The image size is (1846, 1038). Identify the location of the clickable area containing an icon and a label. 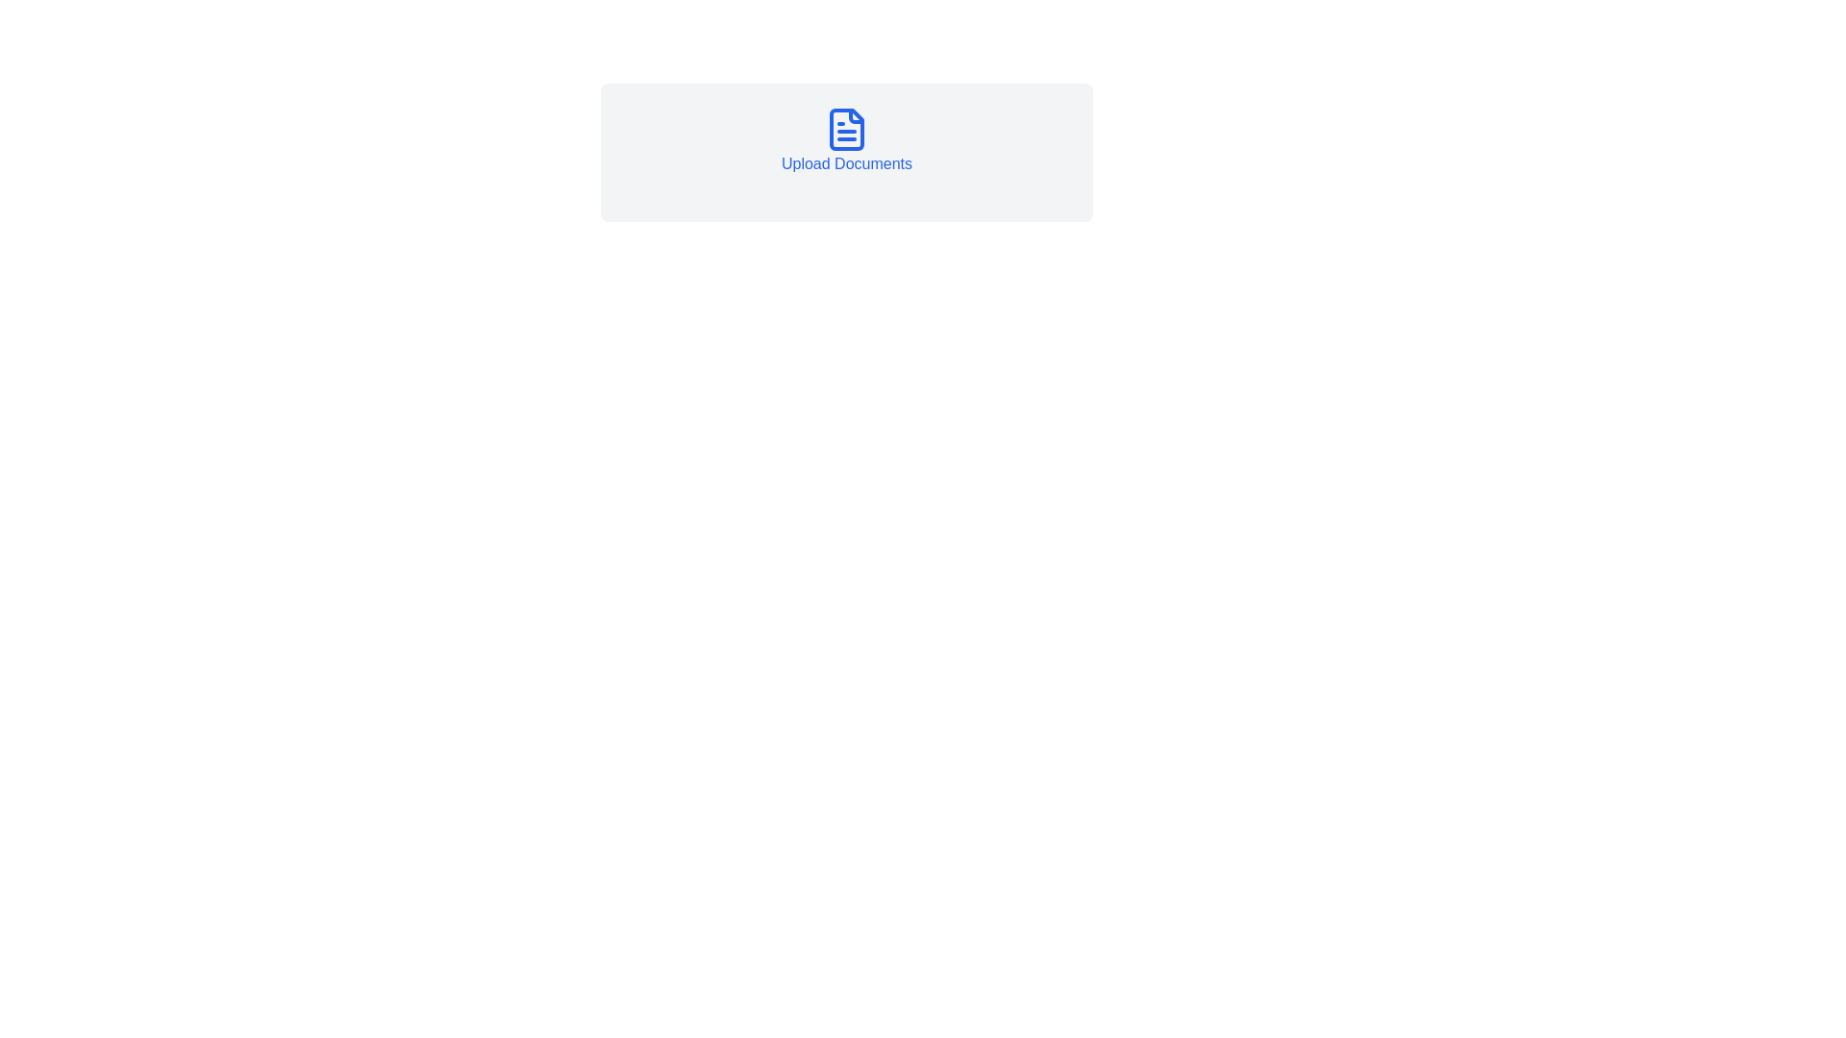
(846, 139).